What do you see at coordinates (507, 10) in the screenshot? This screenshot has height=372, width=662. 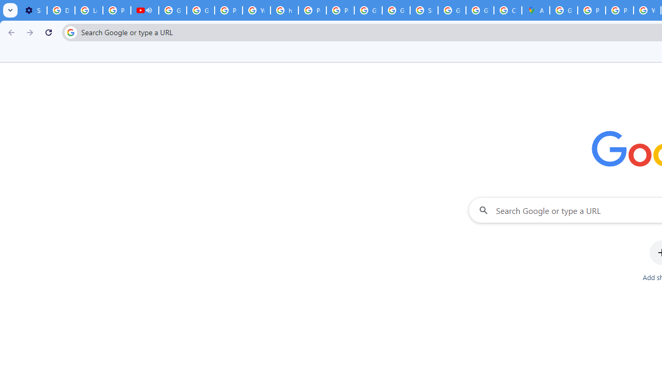 I see `'Create your Google Account'` at bounding box center [507, 10].